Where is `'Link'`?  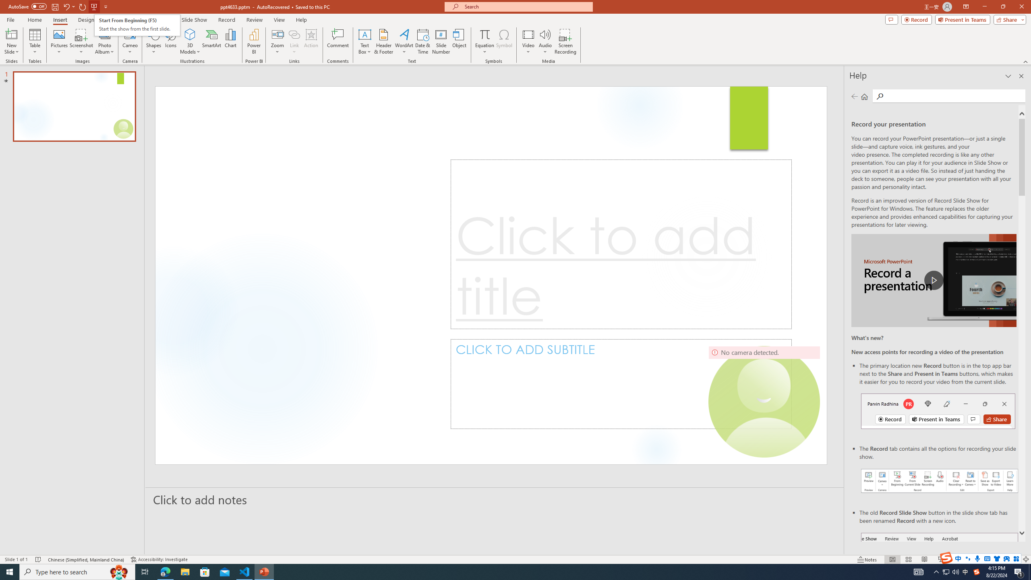
'Link' is located at coordinates (294, 41).